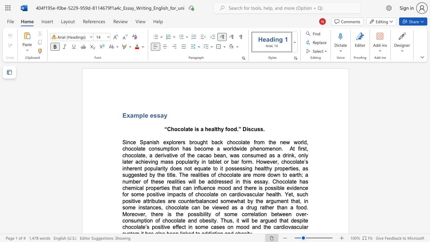  Describe the element at coordinates (122, 115) in the screenshot. I see `the subset text "Example ess" within the text "Example essay"` at that location.